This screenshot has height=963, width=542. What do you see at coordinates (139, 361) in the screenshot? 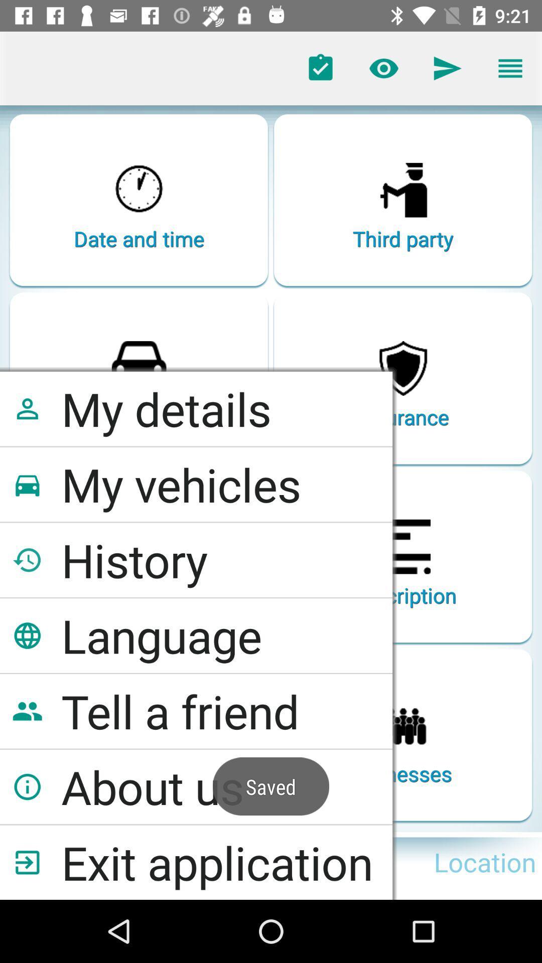
I see `the symbol which is immediately above my details` at bounding box center [139, 361].